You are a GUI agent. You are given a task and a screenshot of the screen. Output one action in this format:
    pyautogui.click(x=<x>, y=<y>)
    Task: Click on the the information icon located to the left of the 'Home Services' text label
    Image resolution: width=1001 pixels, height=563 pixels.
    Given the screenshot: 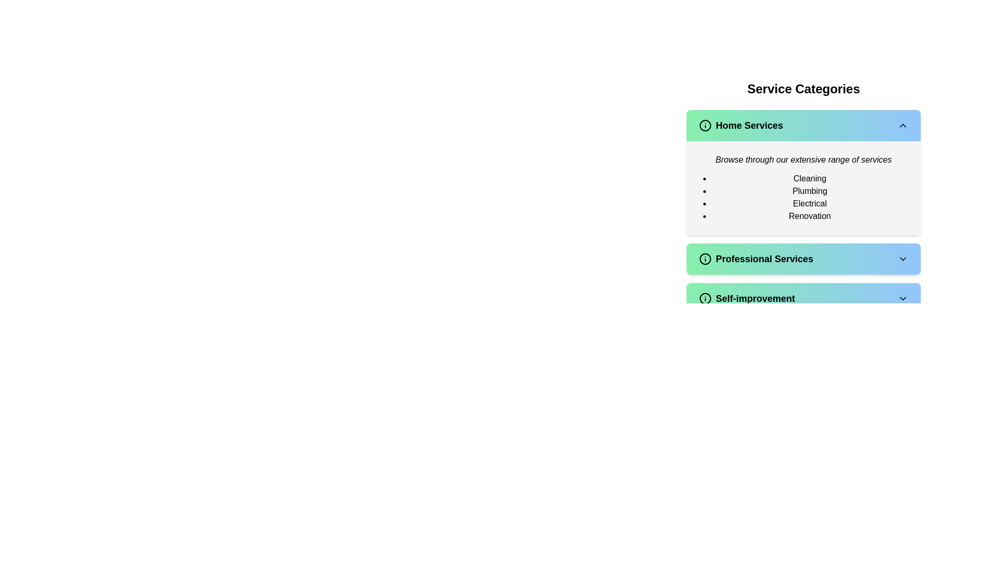 What is the action you would take?
    pyautogui.click(x=740, y=125)
    